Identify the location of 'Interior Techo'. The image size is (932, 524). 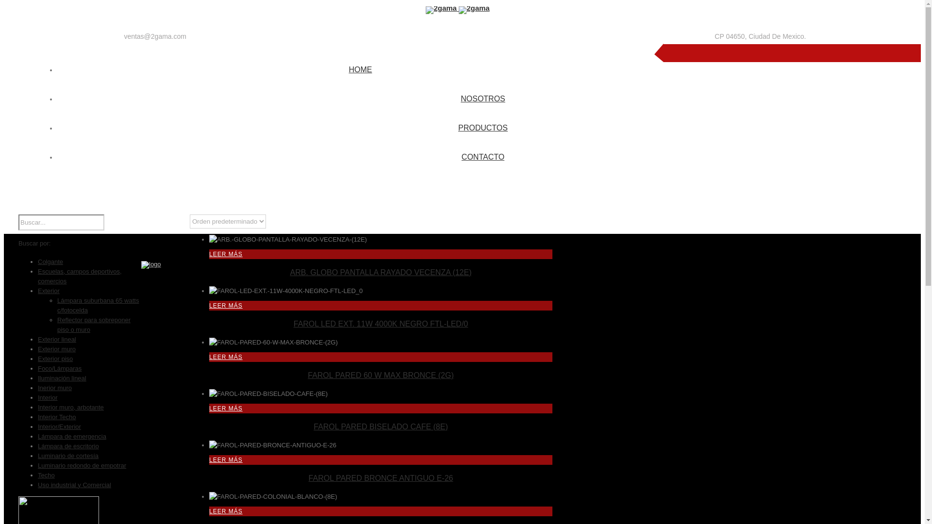
(56, 416).